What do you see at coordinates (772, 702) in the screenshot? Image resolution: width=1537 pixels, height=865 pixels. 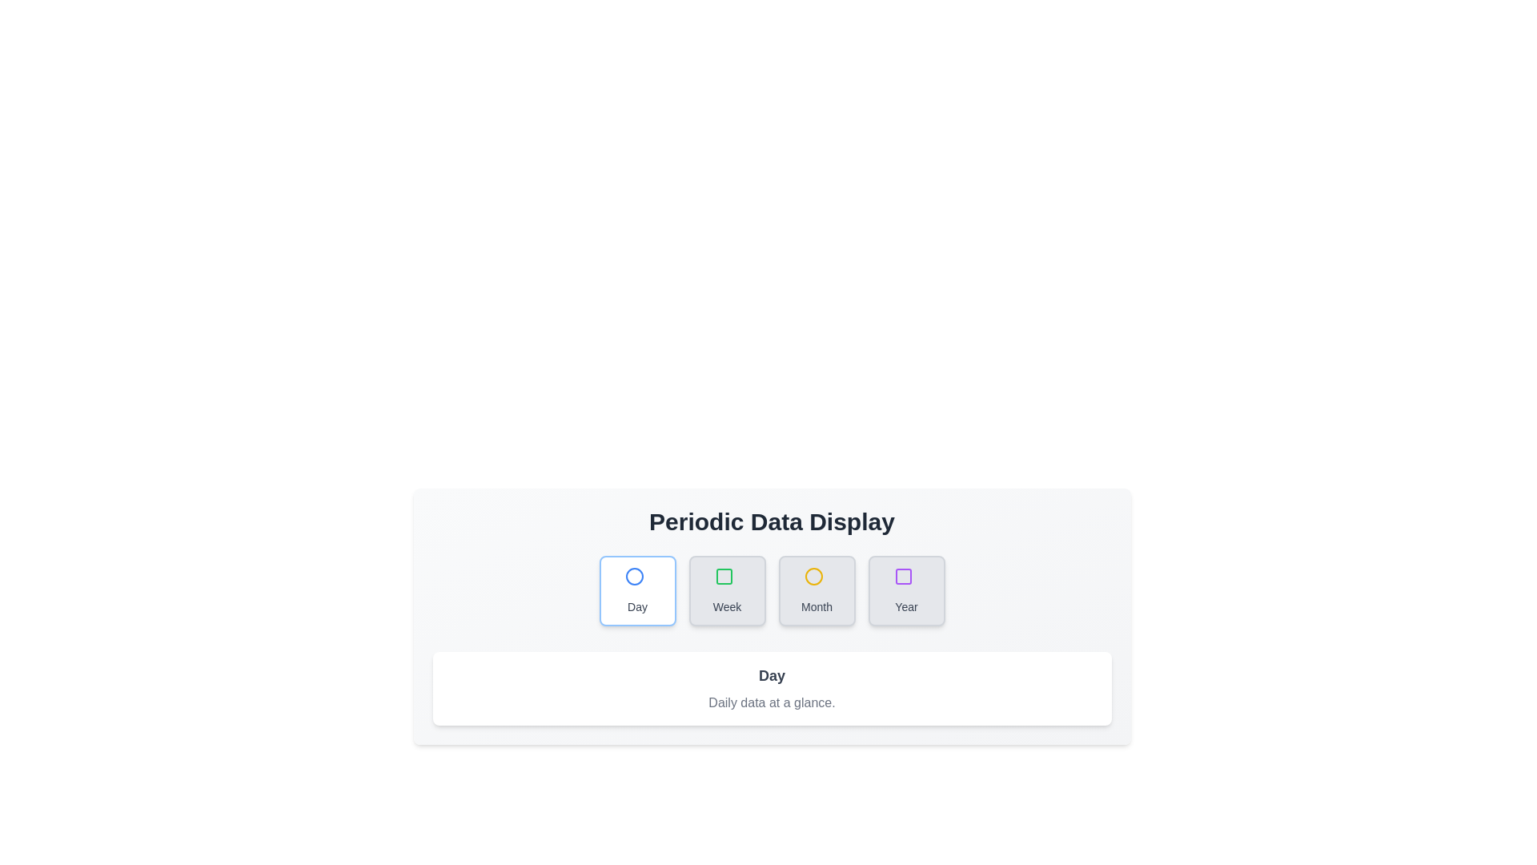 I see `the text label displaying 'Daily data at a glance.' which is styled in gray and located below the 'Day' text within a white rectangular card` at bounding box center [772, 702].